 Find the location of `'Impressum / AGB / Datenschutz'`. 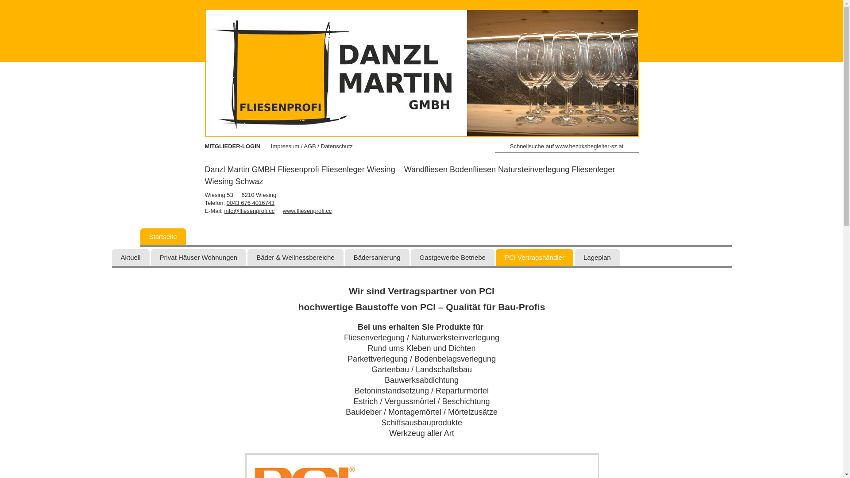

'Impressum / AGB / Datenschutz' is located at coordinates (312, 146).